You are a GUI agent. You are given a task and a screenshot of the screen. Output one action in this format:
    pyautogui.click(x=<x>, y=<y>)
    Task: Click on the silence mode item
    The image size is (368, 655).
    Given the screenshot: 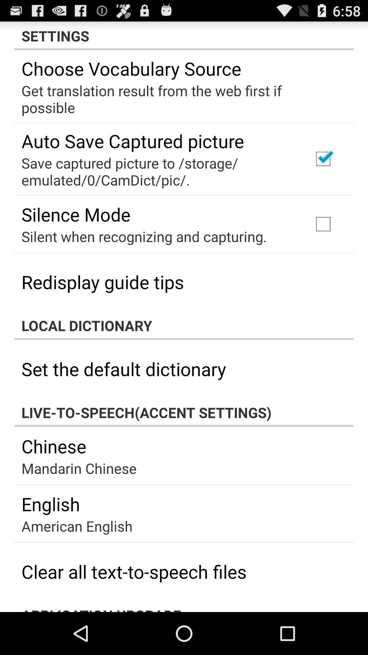 What is the action you would take?
    pyautogui.click(x=76, y=214)
    